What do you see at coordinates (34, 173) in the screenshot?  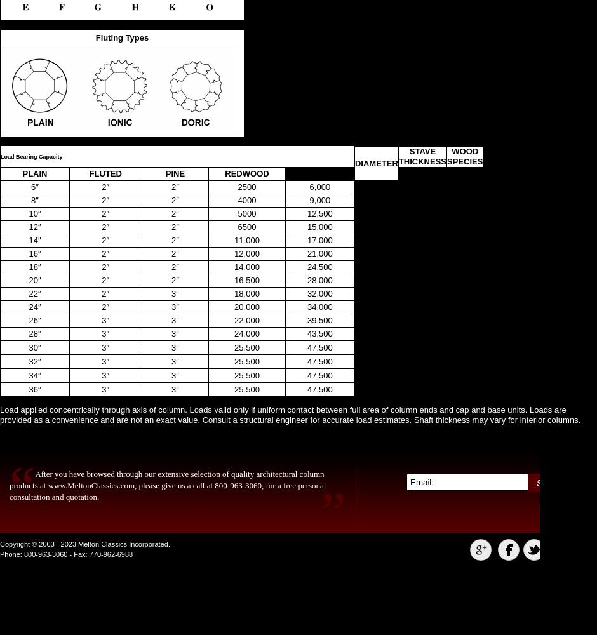 I see `'PLAIN'` at bounding box center [34, 173].